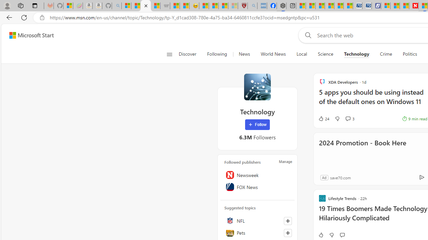 The image size is (428, 240). Describe the element at coordinates (340, 177) in the screenshot. I see `'save70.com'` at that location.